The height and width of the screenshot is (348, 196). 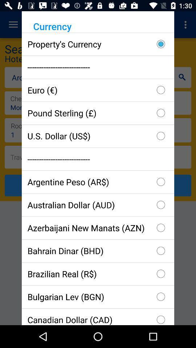 What do you see at coordinates (98, 67) in the screenshot?
I see `--------------------------- checkbox` at bounding box center [98, 67].